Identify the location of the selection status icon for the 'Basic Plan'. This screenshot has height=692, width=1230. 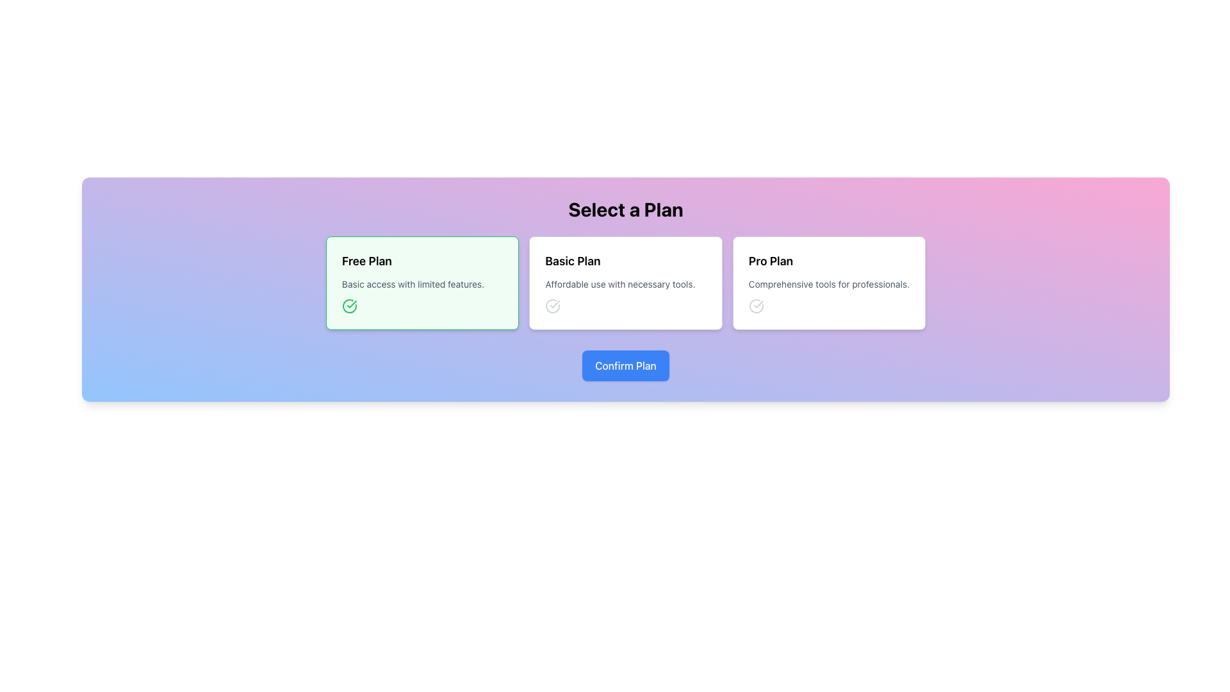
(553, 306).